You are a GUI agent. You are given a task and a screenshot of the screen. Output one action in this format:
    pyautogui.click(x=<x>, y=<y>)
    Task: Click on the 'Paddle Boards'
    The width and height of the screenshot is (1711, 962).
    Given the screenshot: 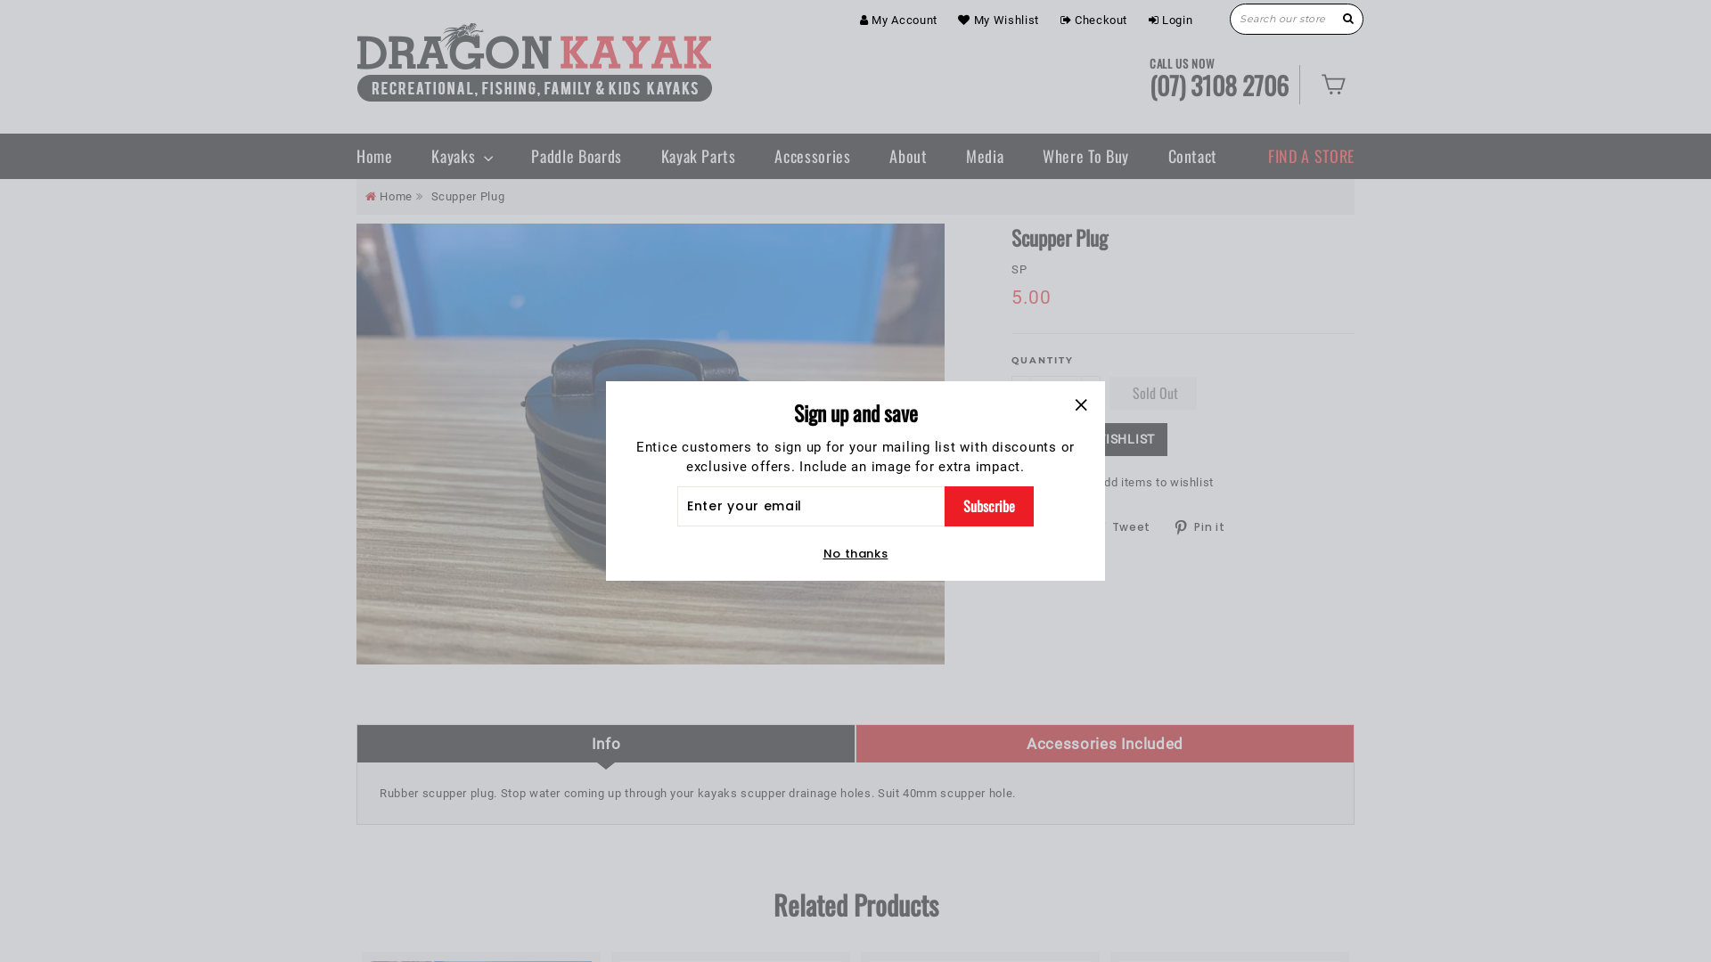 What is the action you would take?
    pyautogui.click(x=576, y=155)
    